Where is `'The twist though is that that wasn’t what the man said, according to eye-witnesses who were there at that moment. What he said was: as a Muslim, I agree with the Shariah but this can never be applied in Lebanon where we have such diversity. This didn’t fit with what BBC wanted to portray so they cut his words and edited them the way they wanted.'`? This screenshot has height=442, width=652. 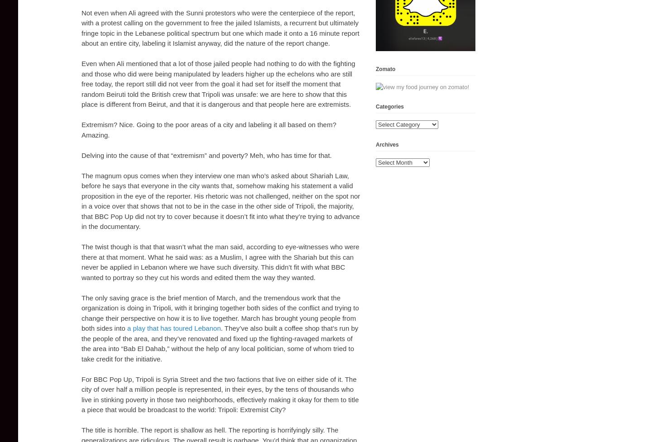 'The twist though is that that wasn’t what the man said, according to eye-witnesses who were there at that moment. What he said was: as a Muslim, I agree with the Shariah but this can never be applied in Lebanon where we have such diversity. This didn’t fit with what BBC wanted to portray so they cut his words and edited them the way they wanted.' is located at coordinates (220, 261).